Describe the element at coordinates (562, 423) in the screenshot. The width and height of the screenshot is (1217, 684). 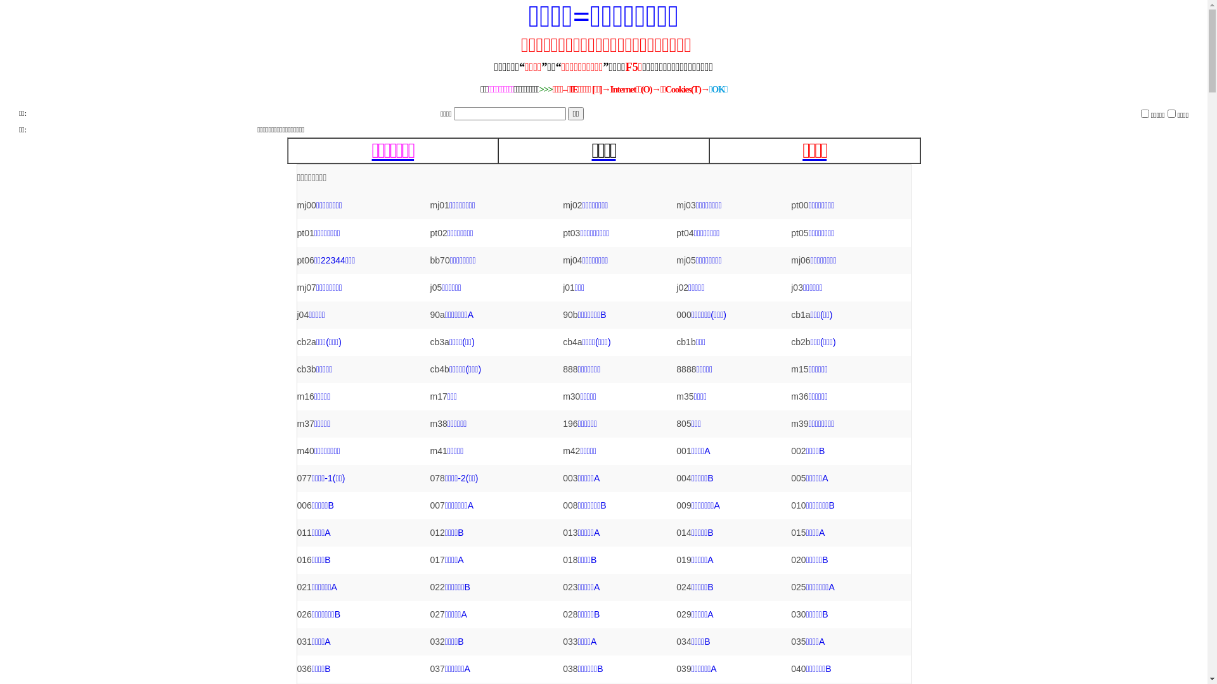
I see `'196'` at that location.